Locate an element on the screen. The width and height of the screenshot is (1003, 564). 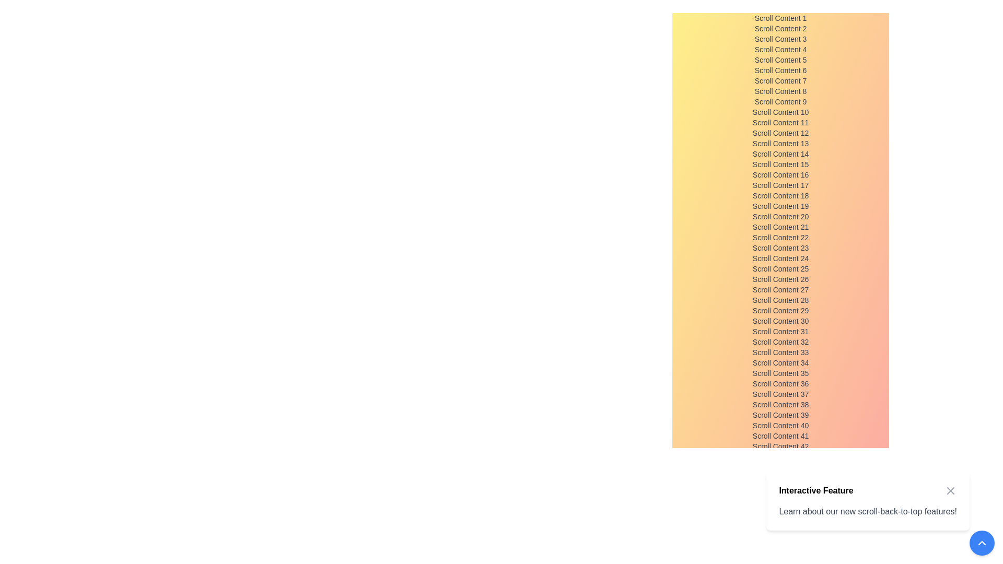
the 19th text label in the scrollable list which displays the content between 'Scroll Content 18' and 'Scroll Content 20' is located at coordinates (780, 206).